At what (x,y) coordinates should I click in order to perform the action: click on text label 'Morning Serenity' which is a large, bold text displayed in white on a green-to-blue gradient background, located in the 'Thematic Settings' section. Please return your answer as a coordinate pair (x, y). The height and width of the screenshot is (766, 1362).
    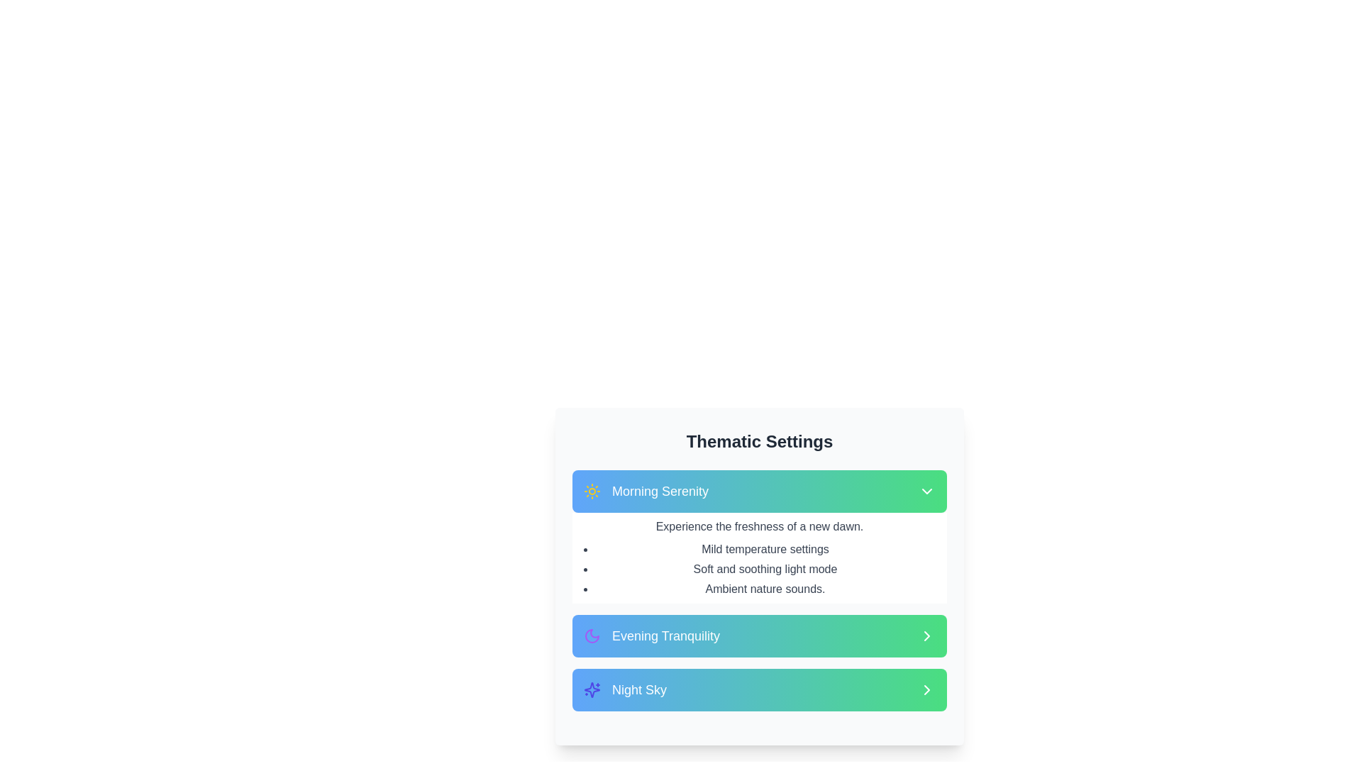
    Looking at the image, I should click on (660, 491).